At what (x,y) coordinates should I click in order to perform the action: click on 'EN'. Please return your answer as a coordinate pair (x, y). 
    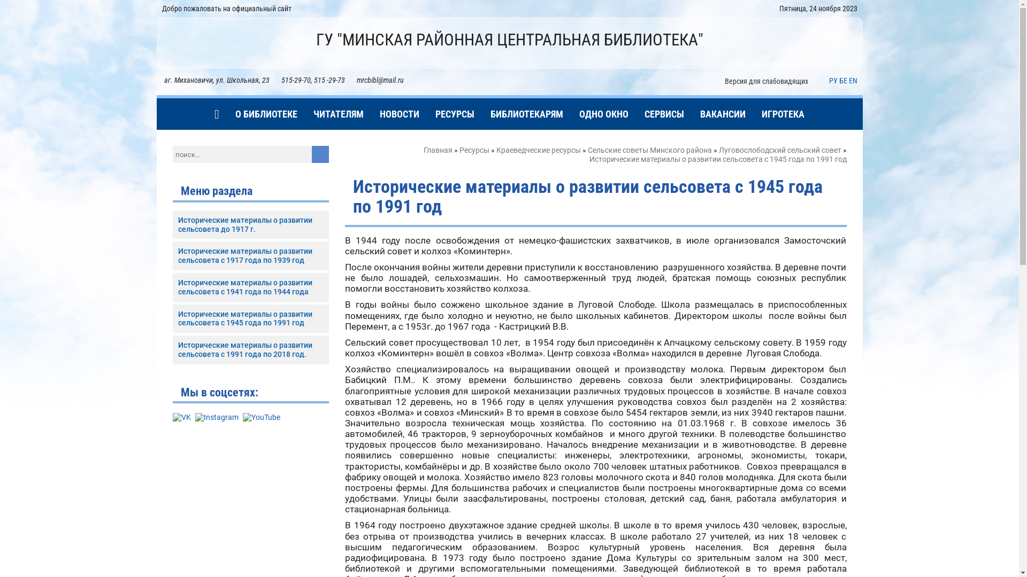
    Looking at the image, I should click on (847, 80).